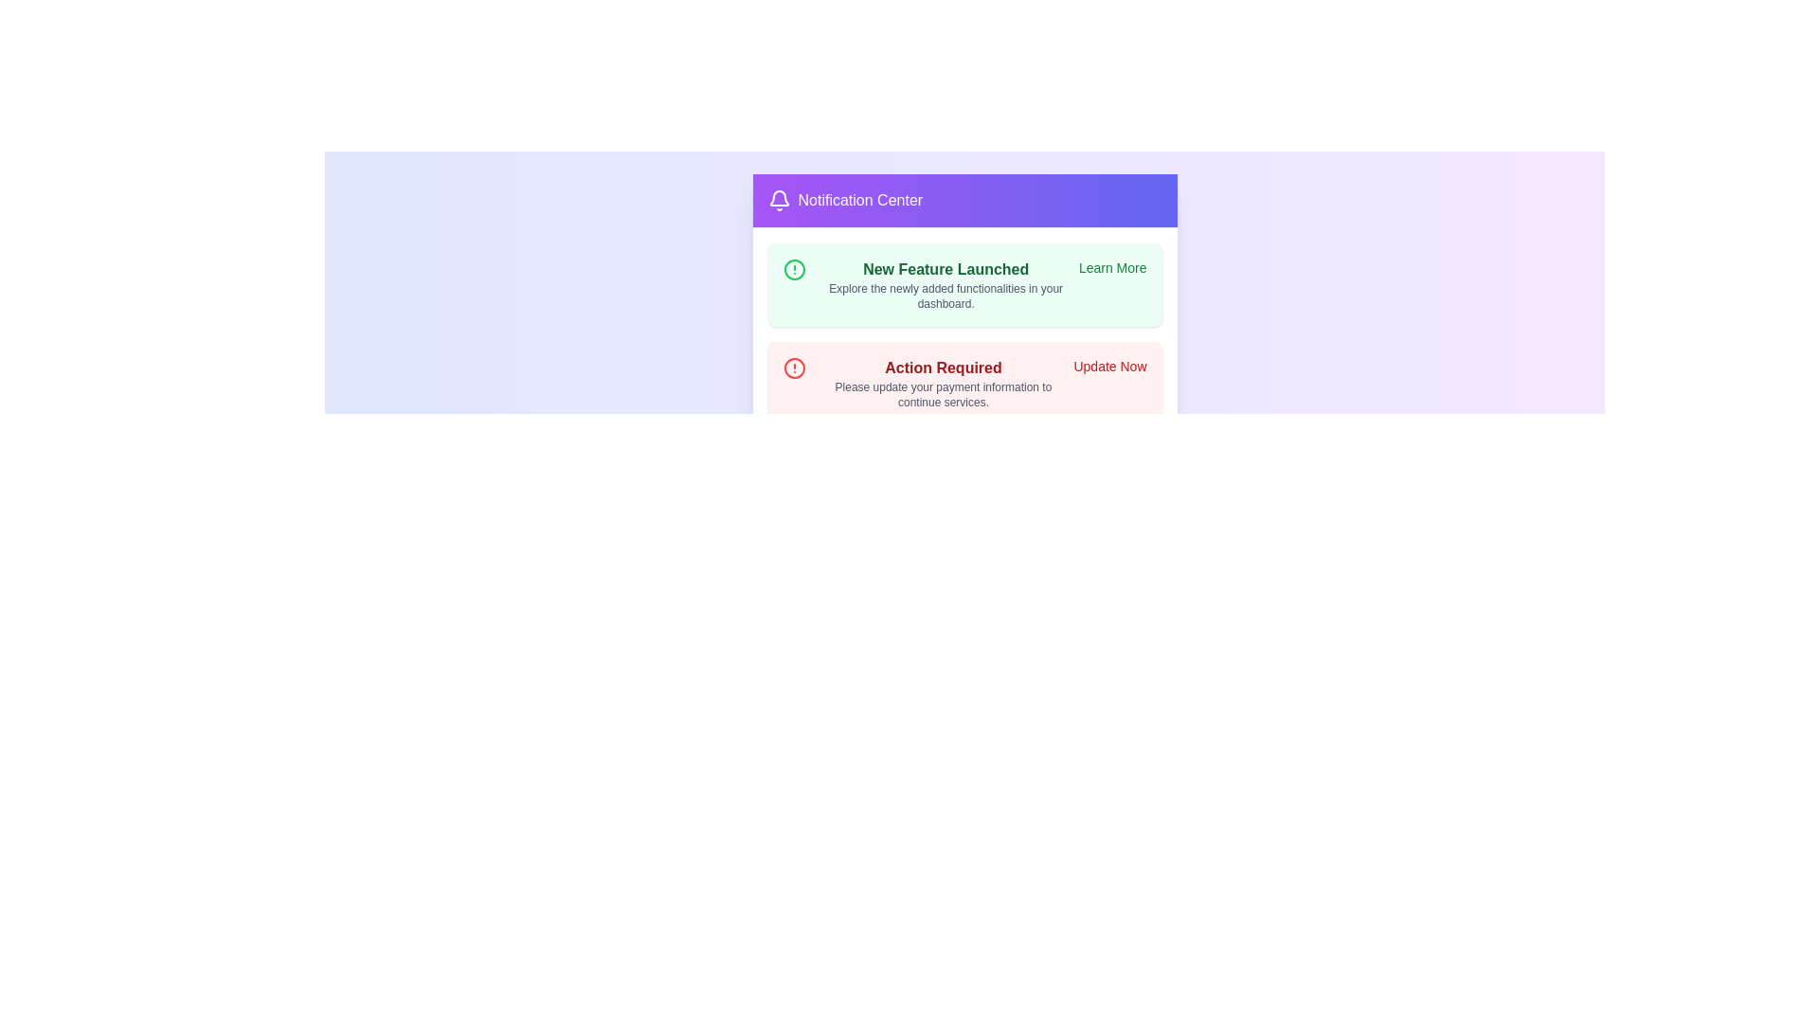 Image resolution: width=1819 pixels, height=1023 pixels. What do you see at coordinates (946, 296) in the screenshot?
I see `information from the text label located directly below the 'New Feature Launched' title within a light green notification box` at bounding box center [946, 296].